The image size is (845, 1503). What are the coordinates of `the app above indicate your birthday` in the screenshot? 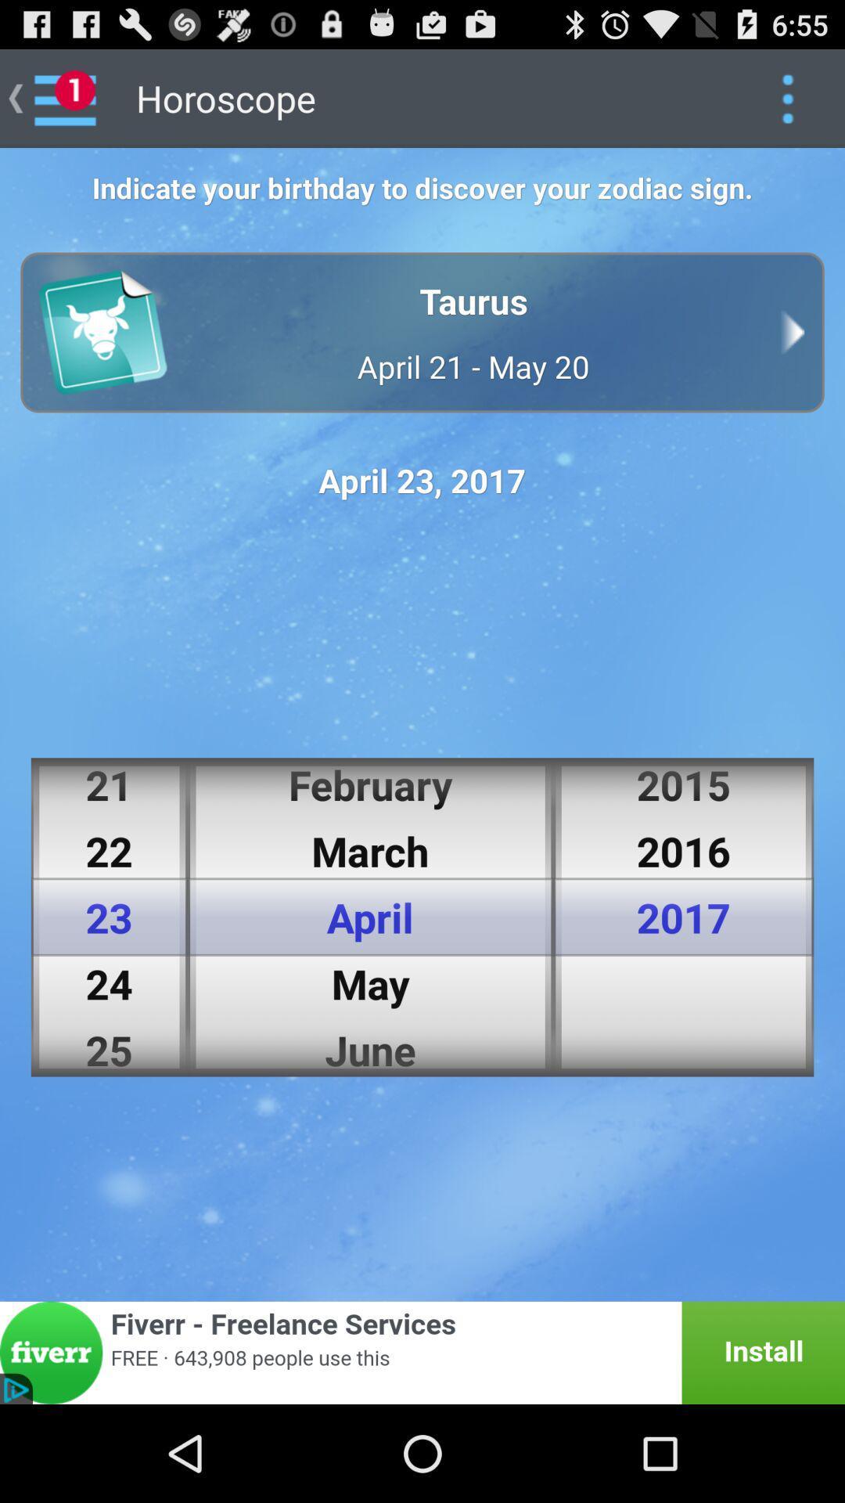 It's located at (787, 97).